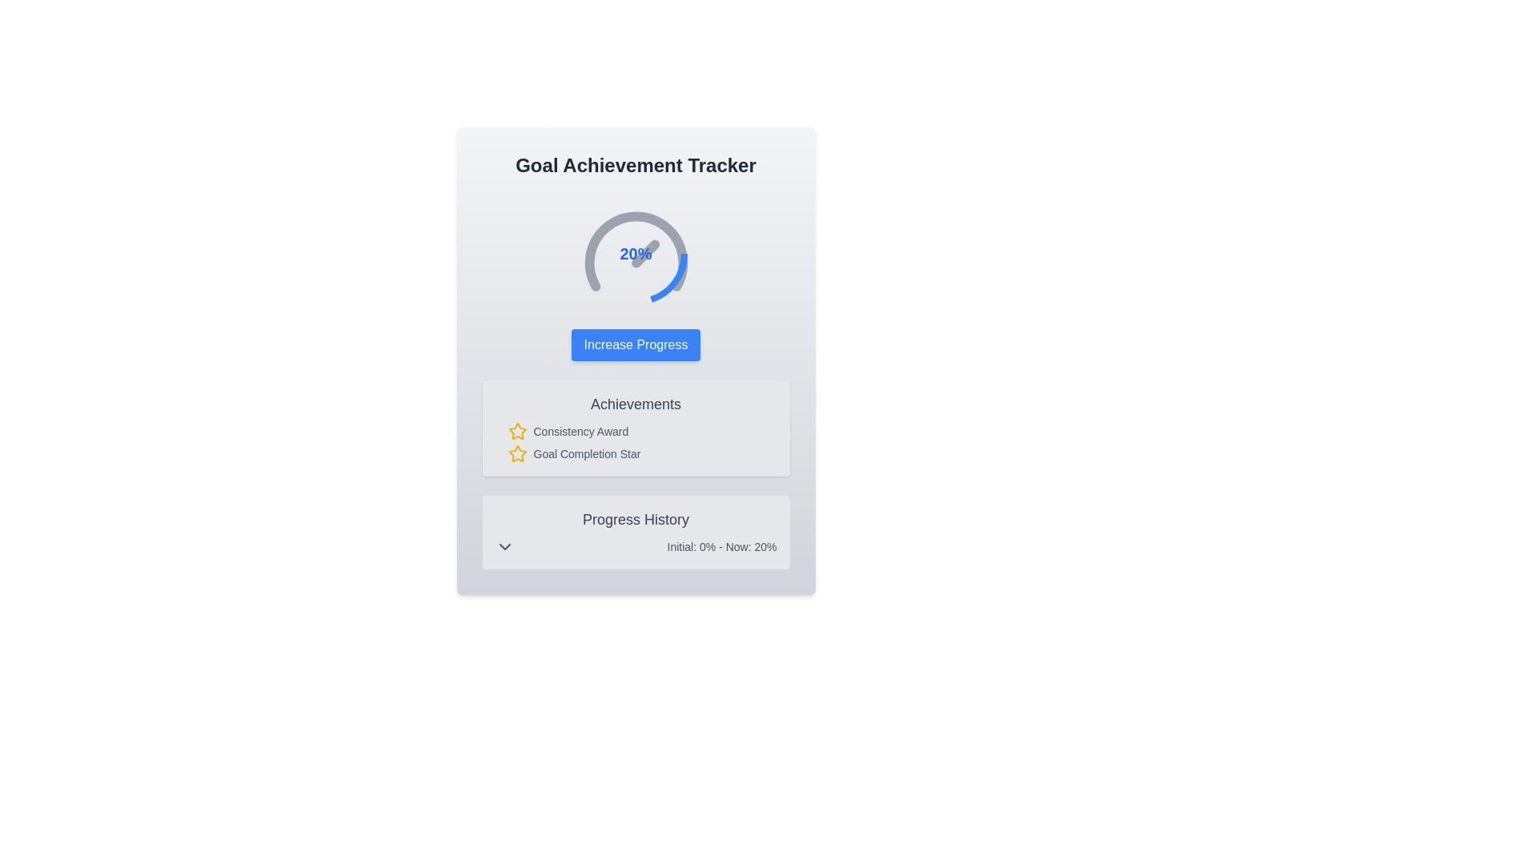  I want to click on the Circular Progress Indicator displaying '20%' within the 'Goal Achievement Tracker' section, so click(700, 256).